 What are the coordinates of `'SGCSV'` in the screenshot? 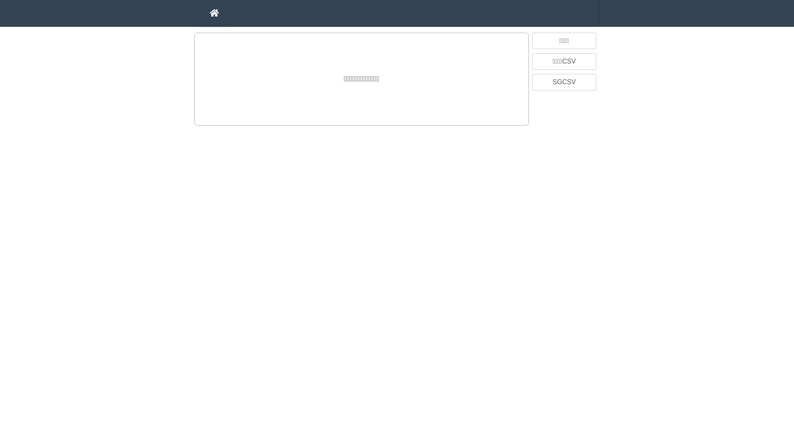 It's located at (564, 82).